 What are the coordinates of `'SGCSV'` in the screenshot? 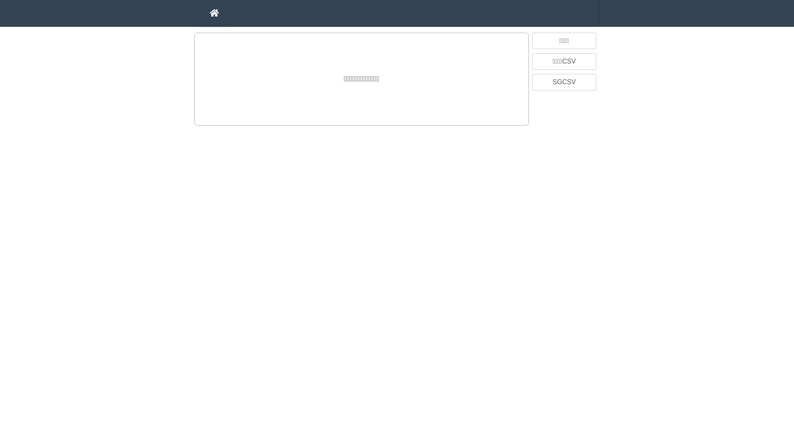 It's located at (564, 82).